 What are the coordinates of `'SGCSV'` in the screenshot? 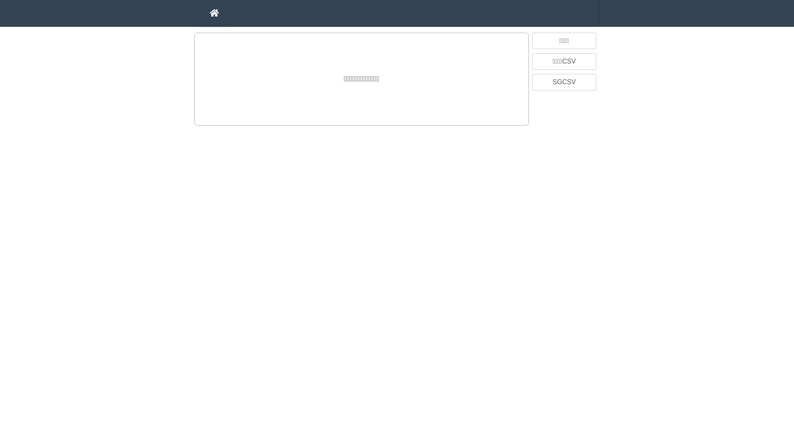 It's located at (564, 82).